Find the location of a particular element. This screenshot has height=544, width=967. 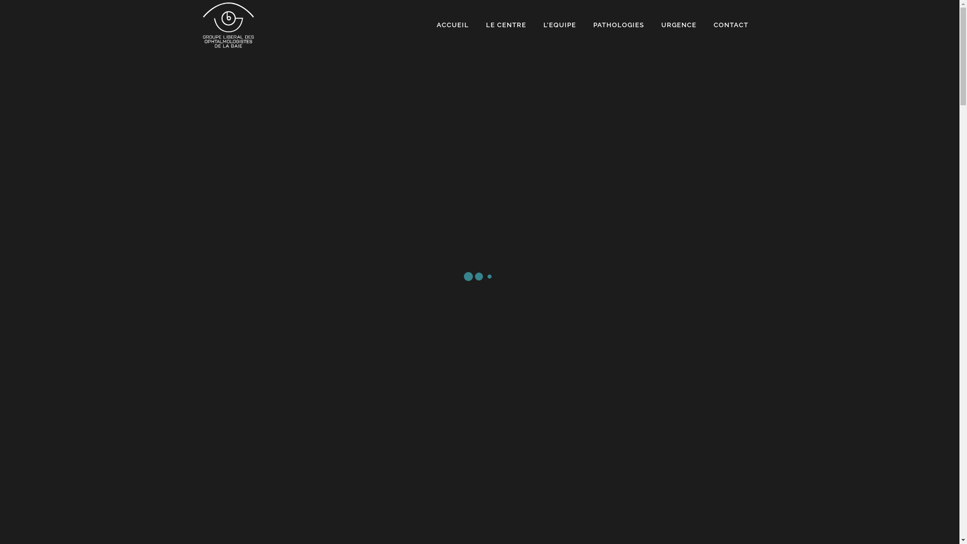

'LE CENTRE' is located at coordinates (506, 25).